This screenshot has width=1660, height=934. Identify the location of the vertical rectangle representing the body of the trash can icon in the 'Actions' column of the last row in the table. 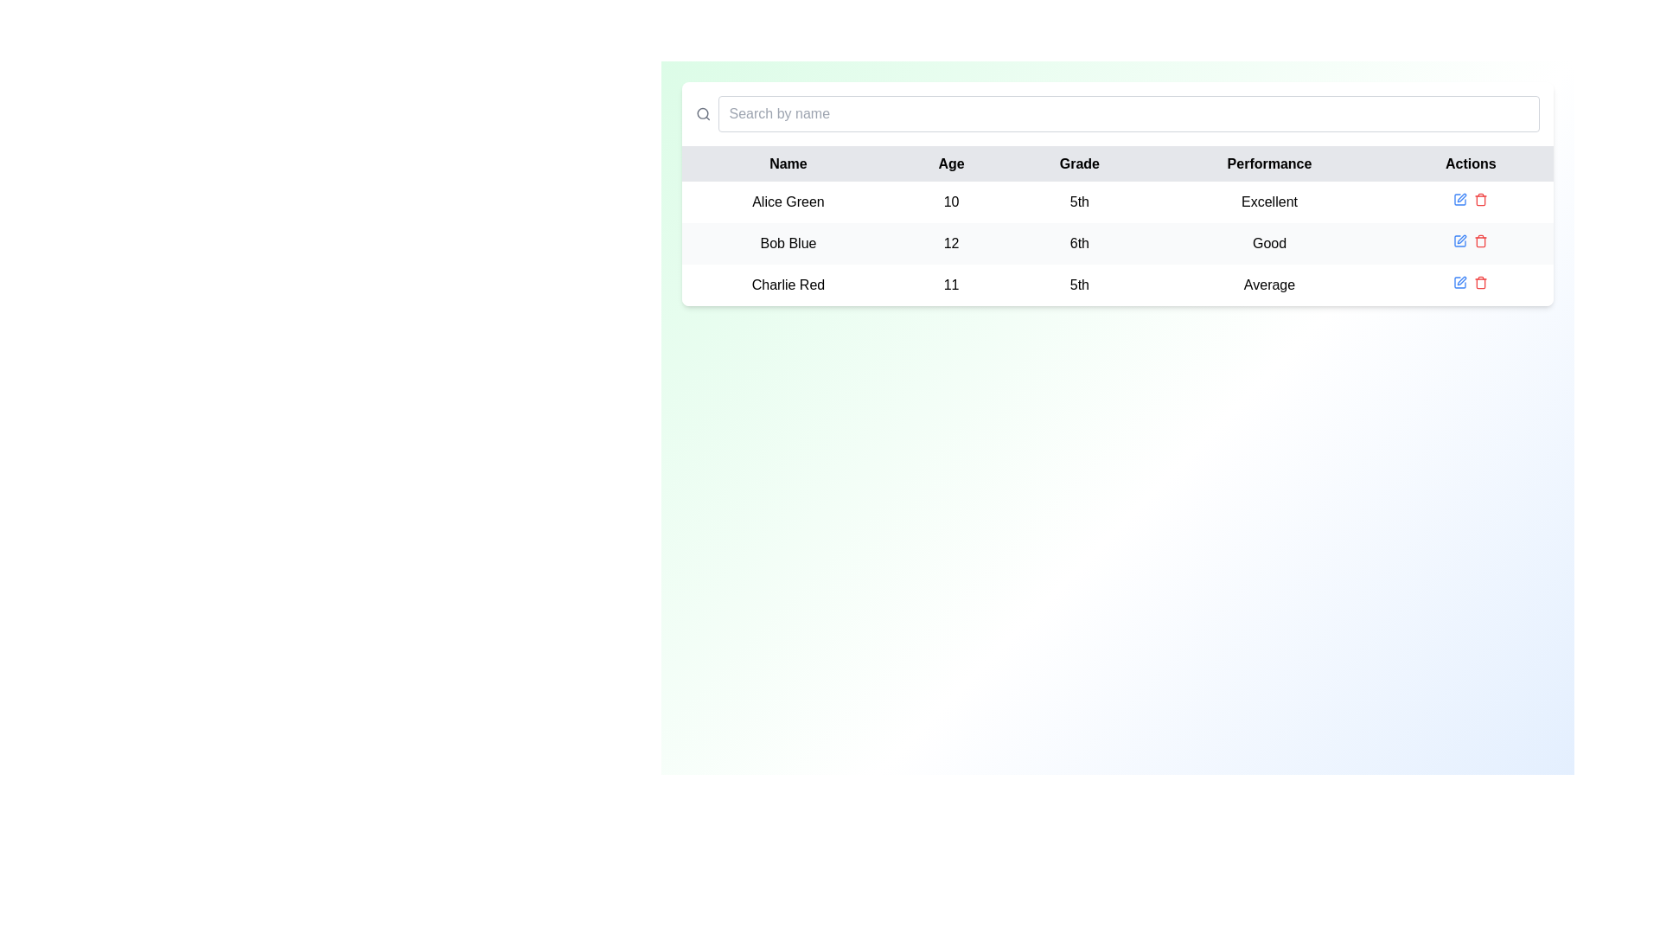
(1480, 283).